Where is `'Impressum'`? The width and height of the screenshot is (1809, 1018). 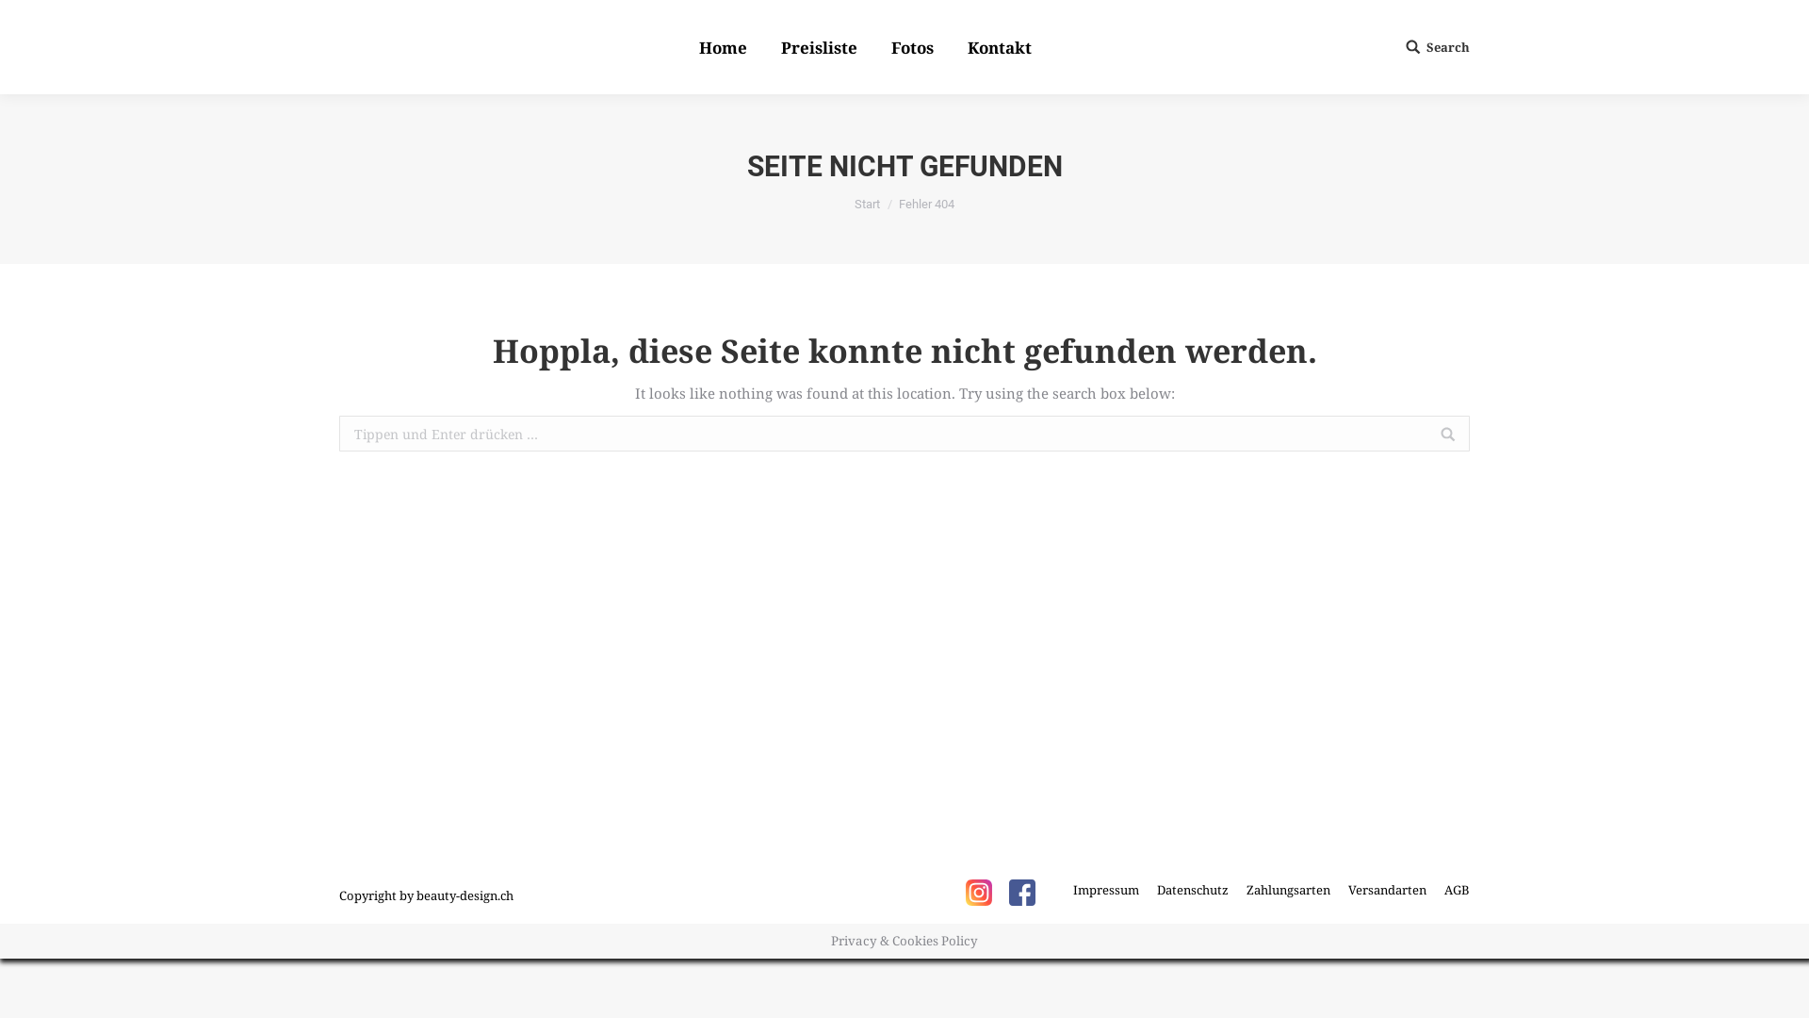 'Impressum' is located at coordinates (1106, 890).